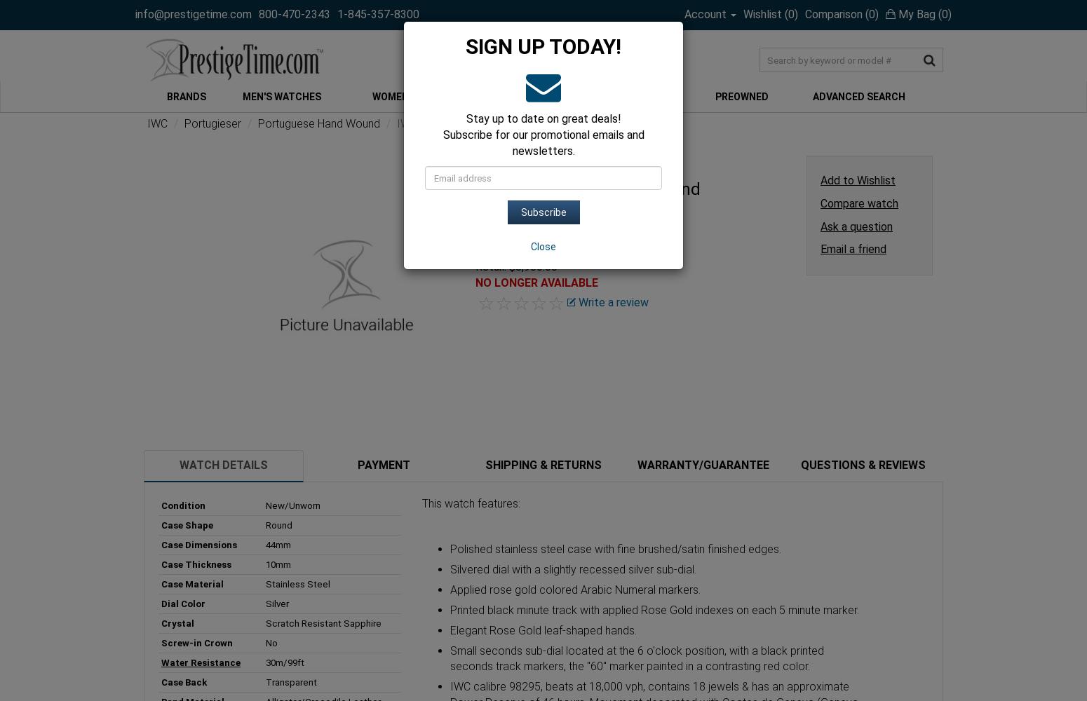 Image resolution: width=1087 pixels, height=701 pixels. What do you see at coordinates (183, 602) in the screenshot?
I see `'Dial Color'` at bounding box center [183, 602].